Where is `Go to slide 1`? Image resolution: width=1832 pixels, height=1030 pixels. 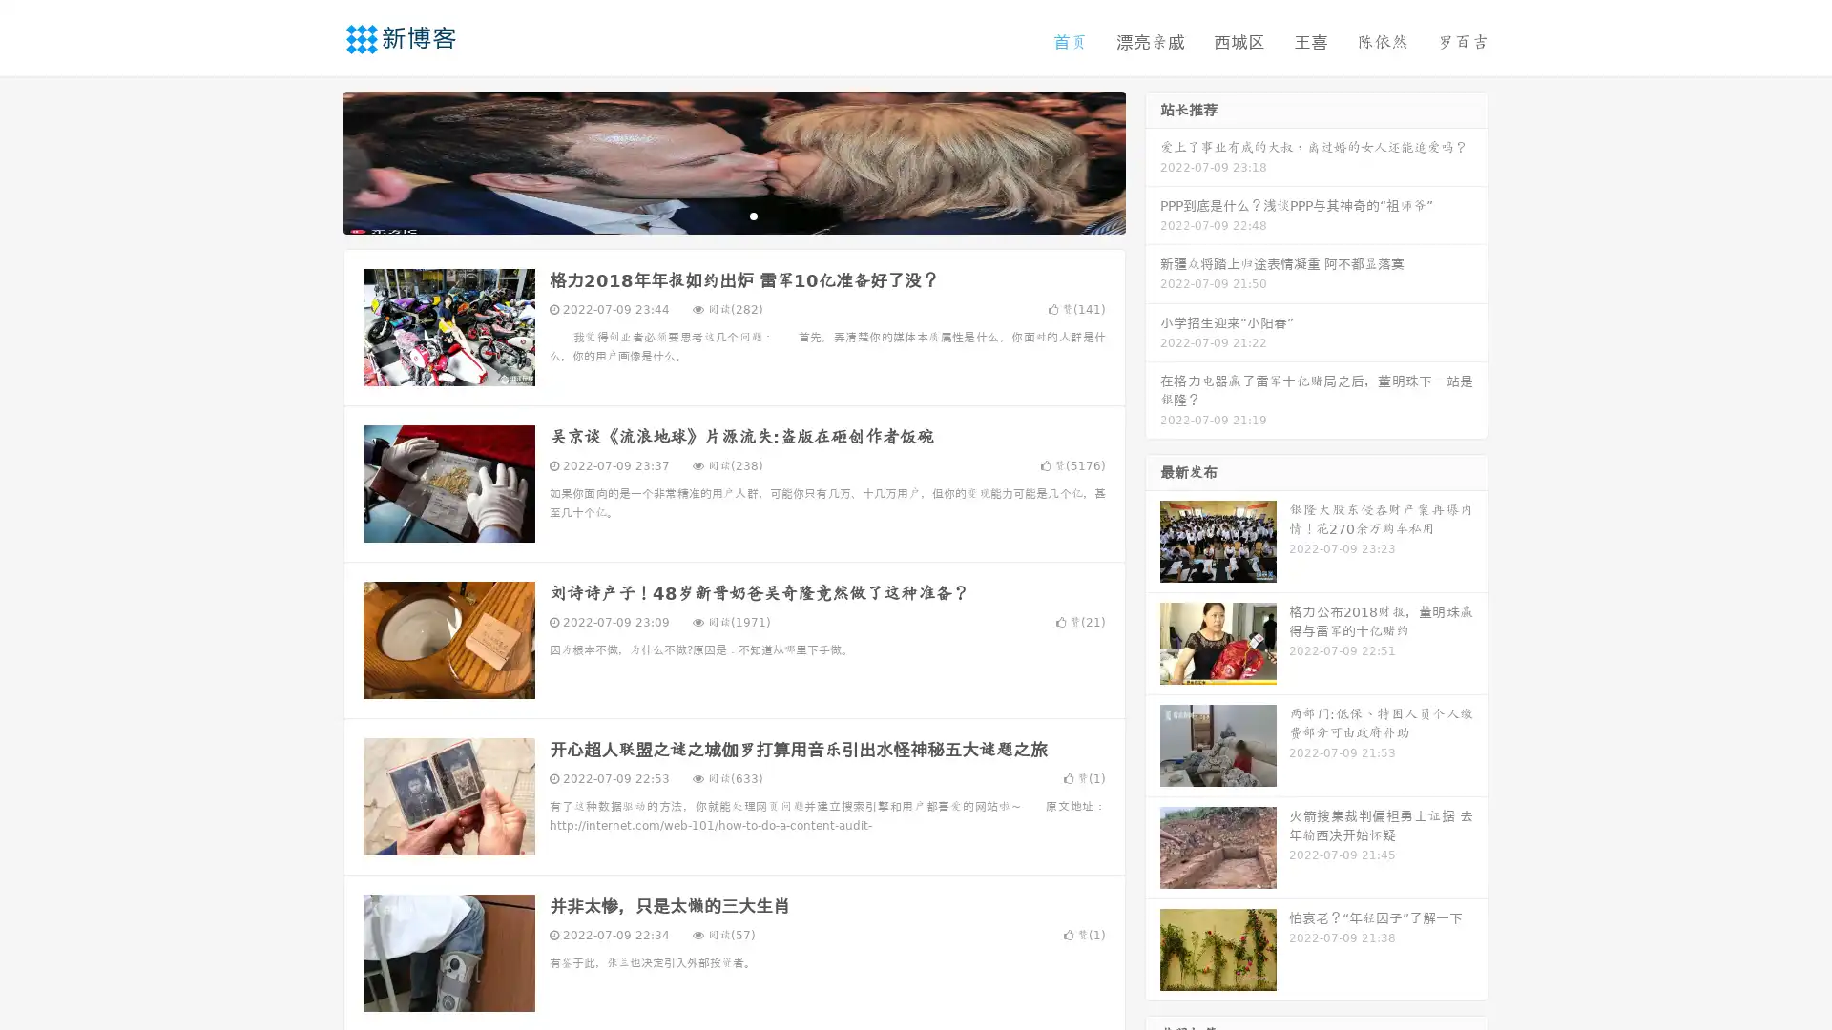 Go to slide 1 is located at coordinates (714, 215).